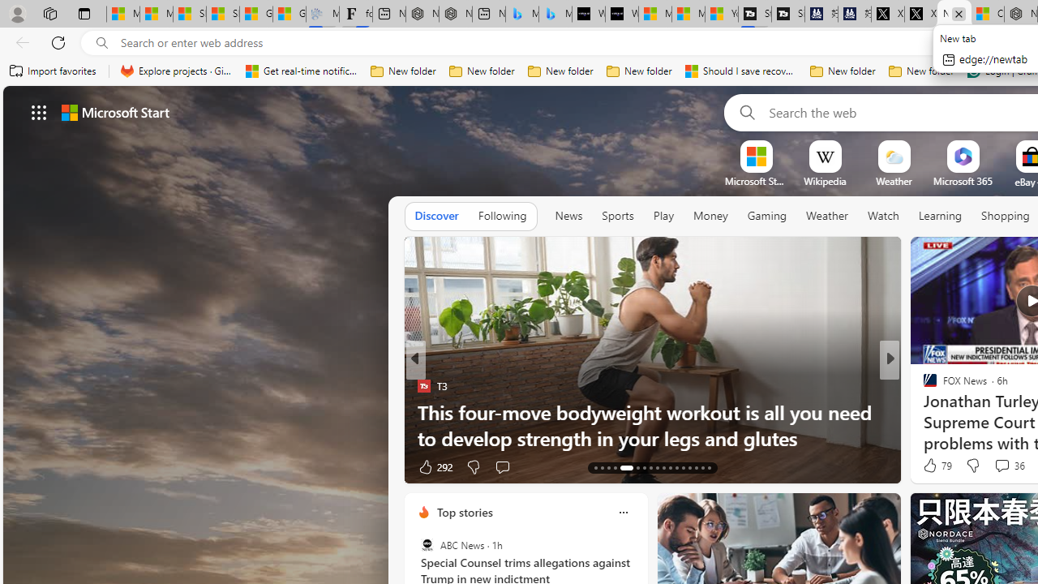 The height and width of the screenshot is (584, 1038). What do you see at coordinates (923, 385) in the screenshot?
I see `'Live Science'` at bounding box center [923, 385].